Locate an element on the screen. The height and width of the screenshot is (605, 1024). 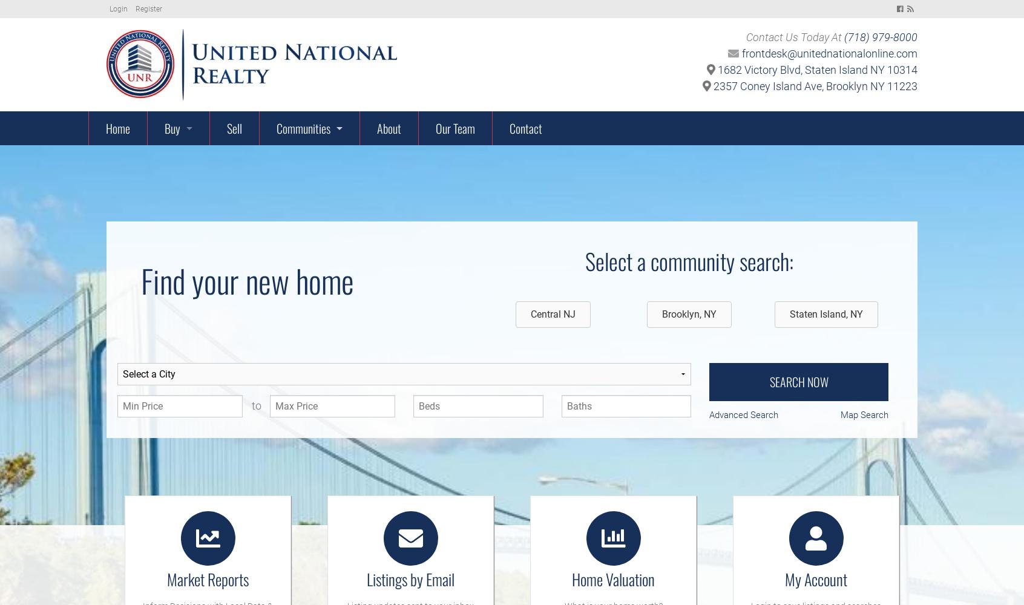
'My Account' is located at coordinates (816, 578).